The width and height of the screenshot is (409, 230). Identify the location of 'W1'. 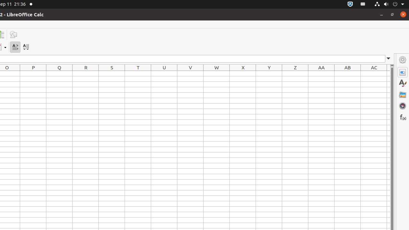
(217, 73).